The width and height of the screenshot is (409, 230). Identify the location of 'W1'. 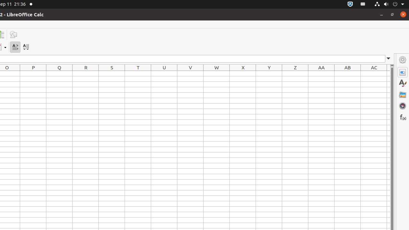
(217, 73).